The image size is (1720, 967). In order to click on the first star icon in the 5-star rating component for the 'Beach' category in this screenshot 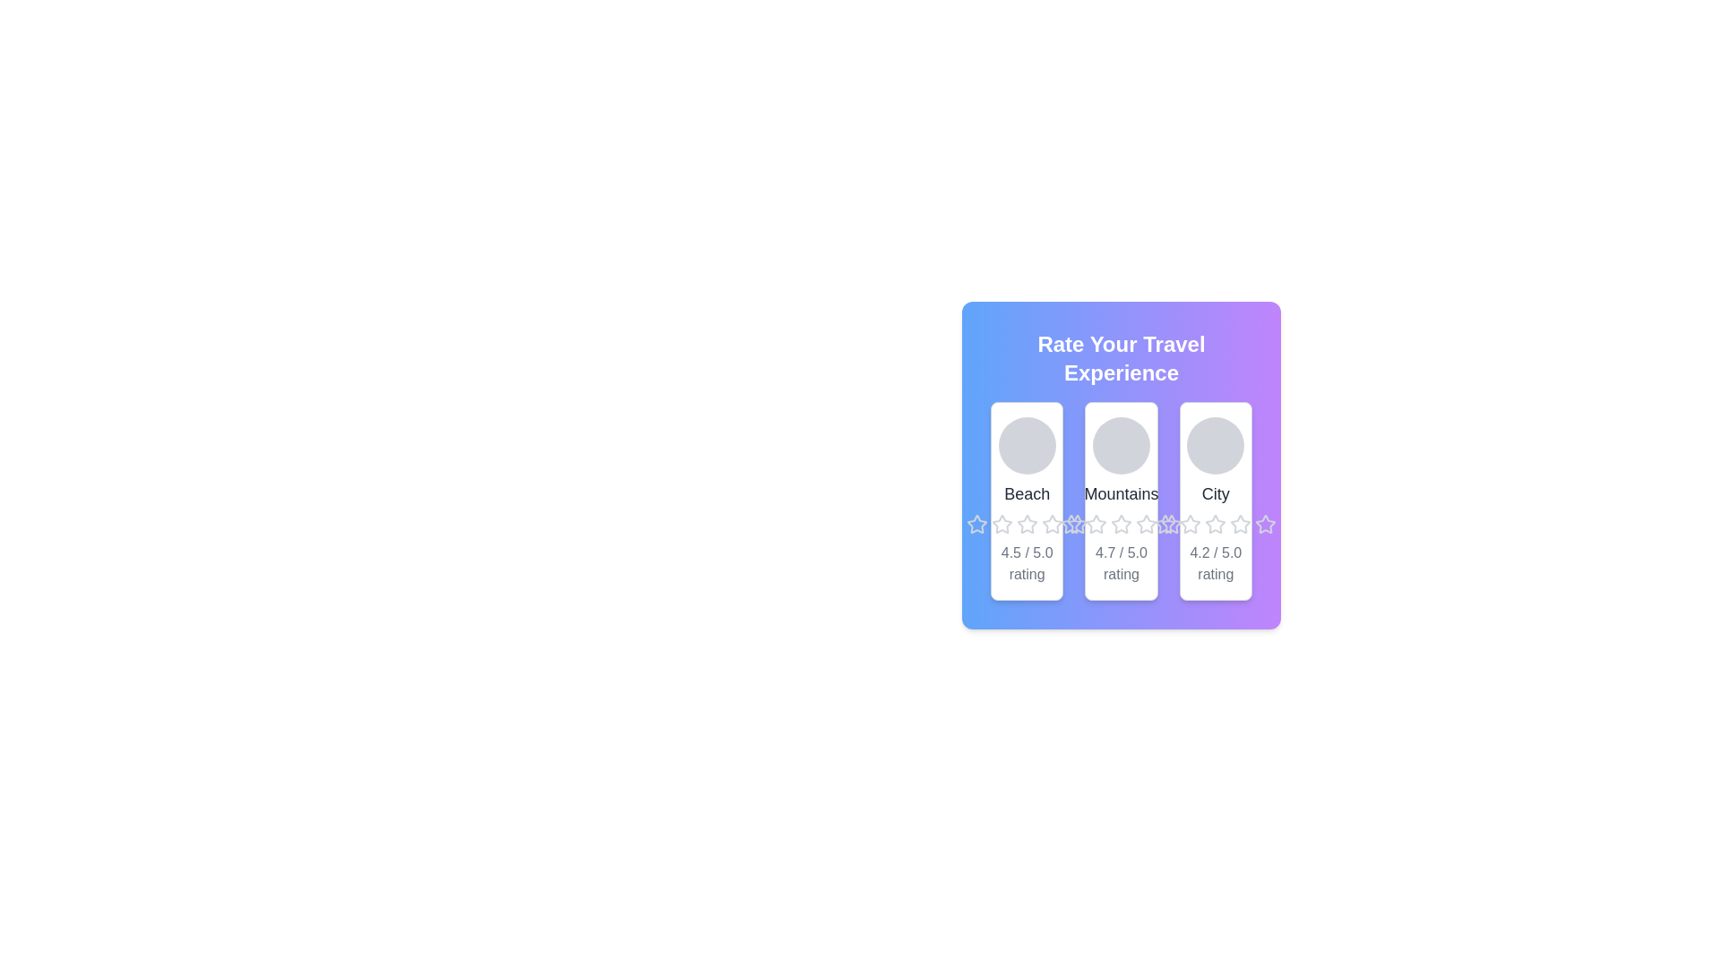, I will do `click(976, 524)`.